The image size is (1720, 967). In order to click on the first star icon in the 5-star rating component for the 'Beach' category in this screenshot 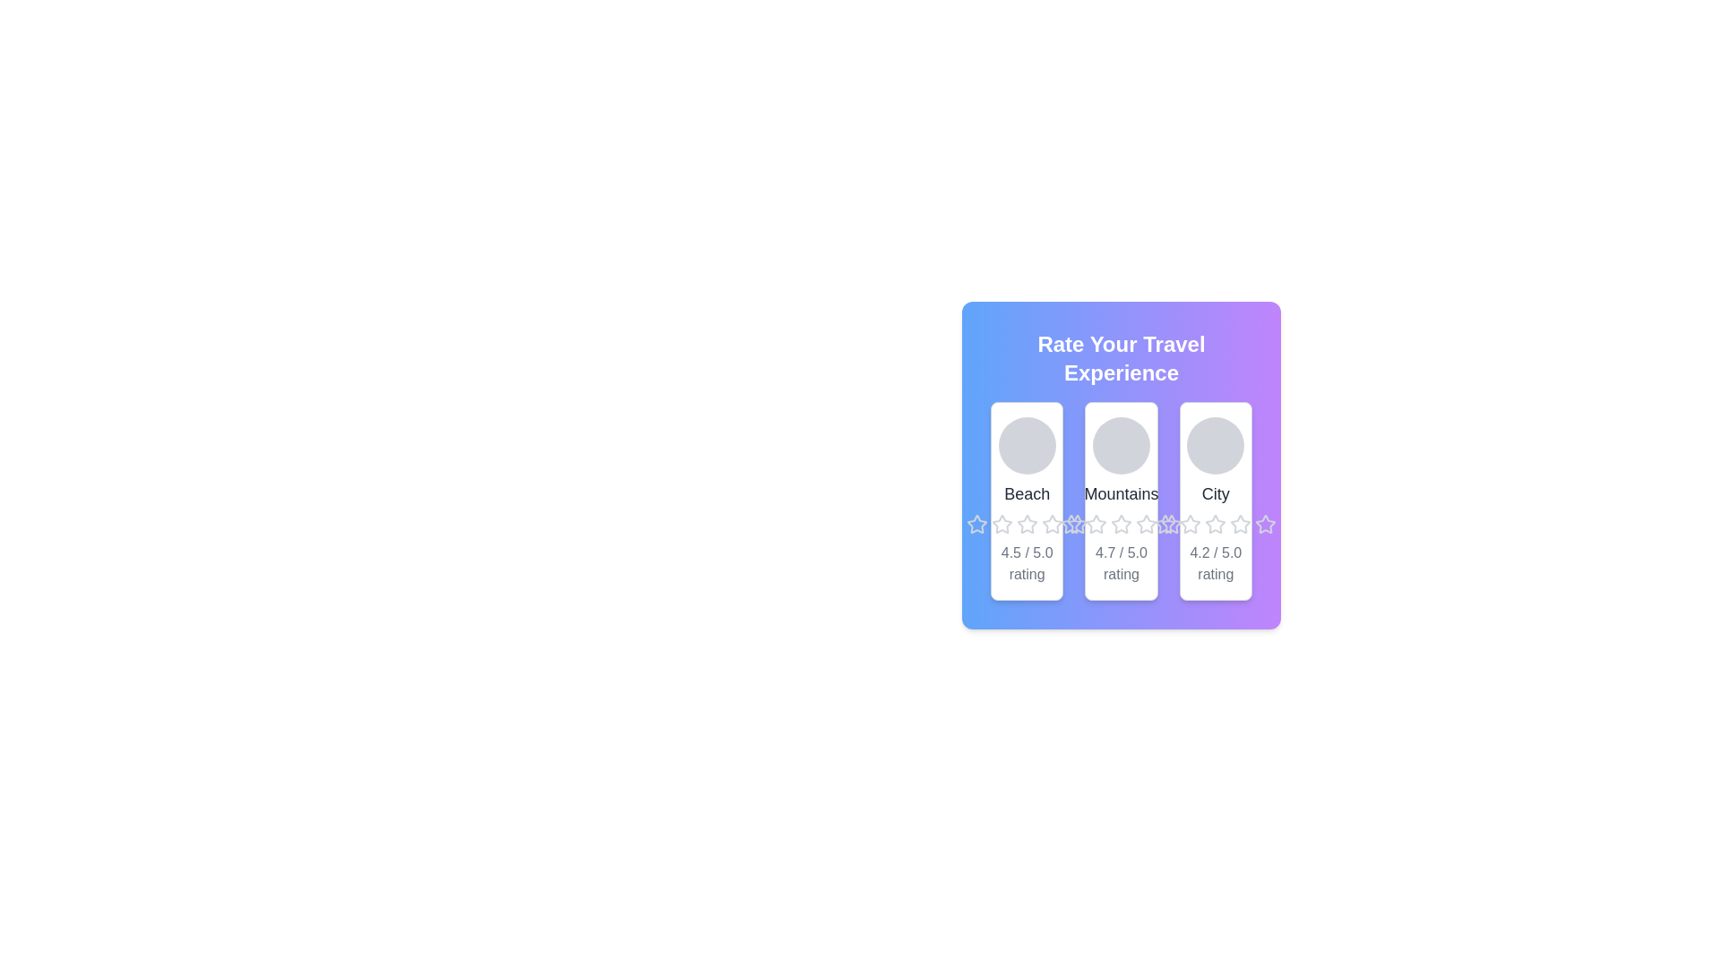, I will do `click(976, 524)`.